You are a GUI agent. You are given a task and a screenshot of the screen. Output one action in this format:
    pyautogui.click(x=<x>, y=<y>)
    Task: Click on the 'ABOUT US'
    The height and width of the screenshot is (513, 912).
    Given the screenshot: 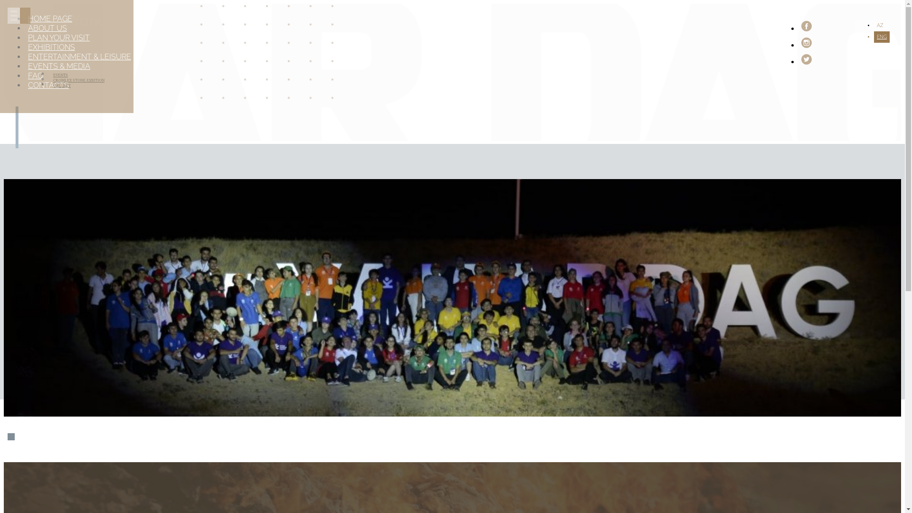 What is the action you would take?
    pyautogui.click(x=47, y=28)
    